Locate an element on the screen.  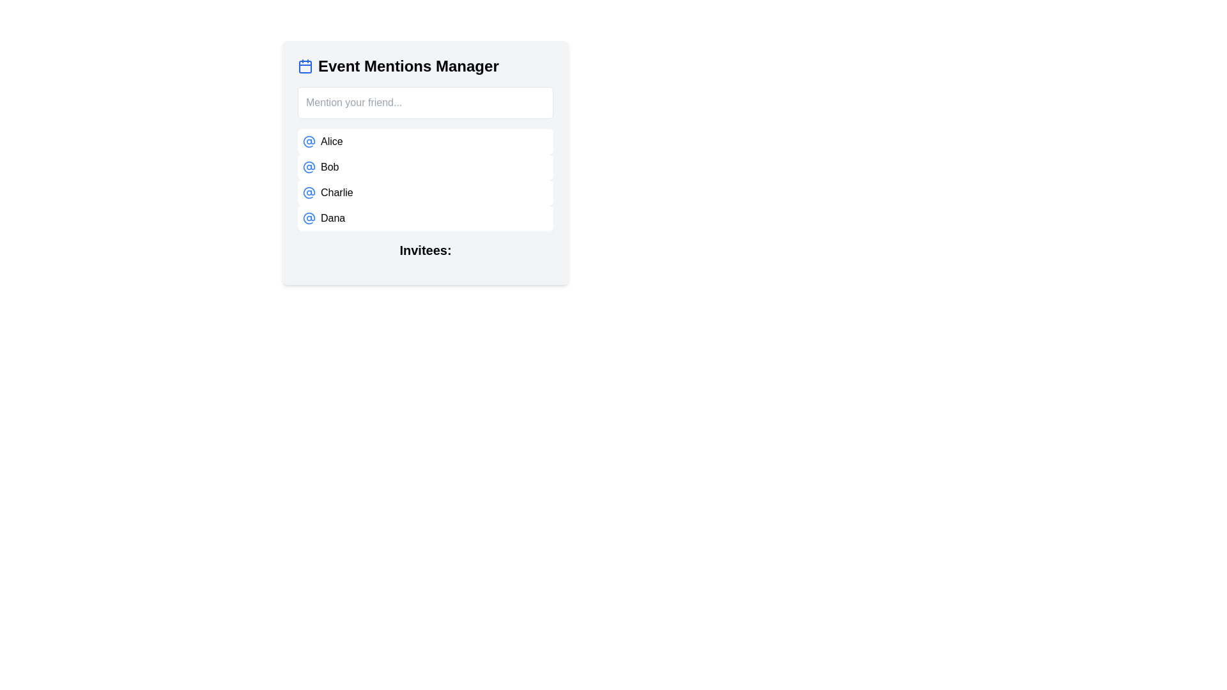
the user icon representing 'Bob', located in the second row of the list under 'Event Mentions Manager', to the left of the name 'Bob' is located at coordinates (309, 167).